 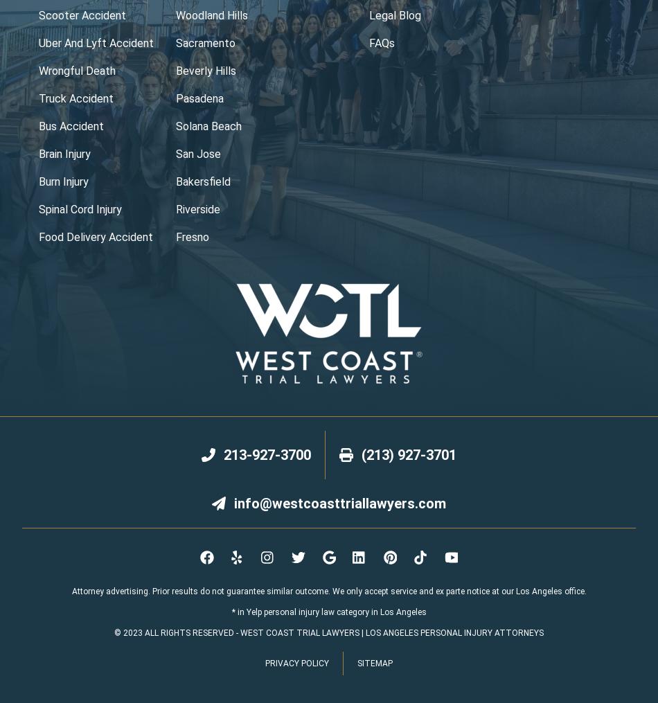 What do you see at coordinates (191, 236) in the screenshot?
I see `'Fresno'` at bounding box center [191, 236].